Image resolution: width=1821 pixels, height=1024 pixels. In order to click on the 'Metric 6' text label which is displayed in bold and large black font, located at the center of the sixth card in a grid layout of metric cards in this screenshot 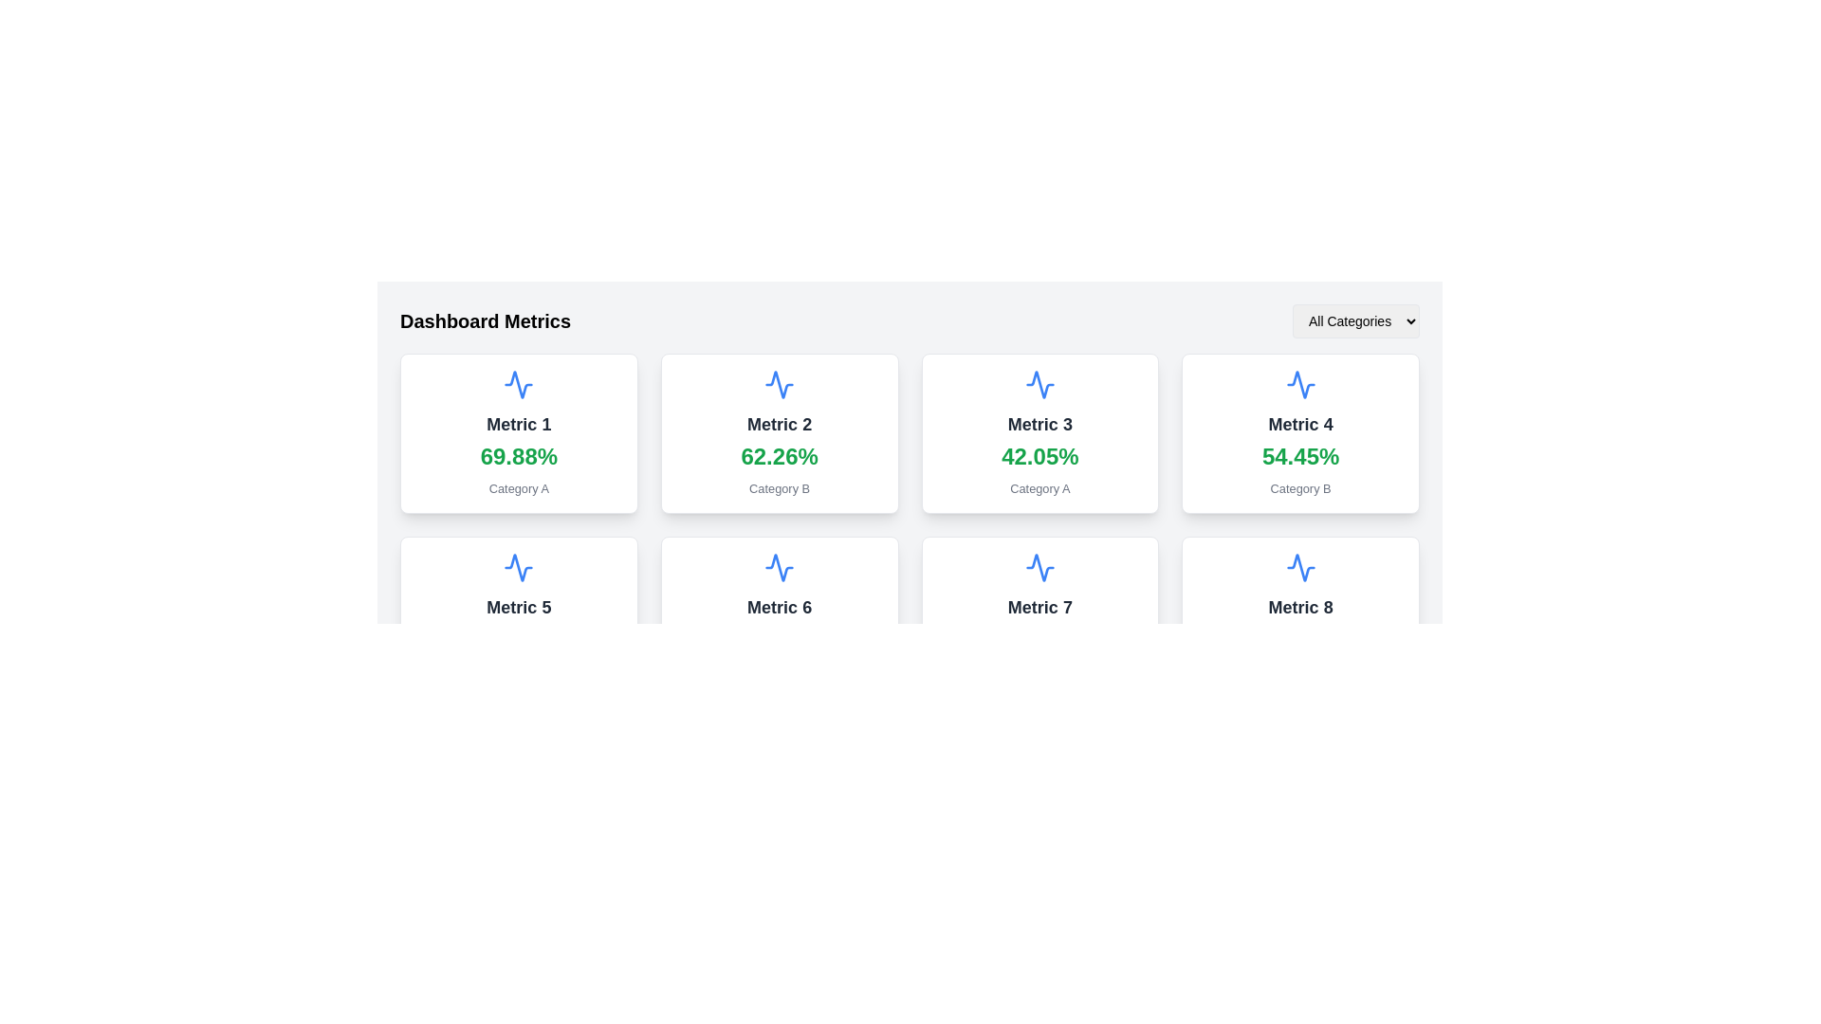, I will do `click(780, 608)`.